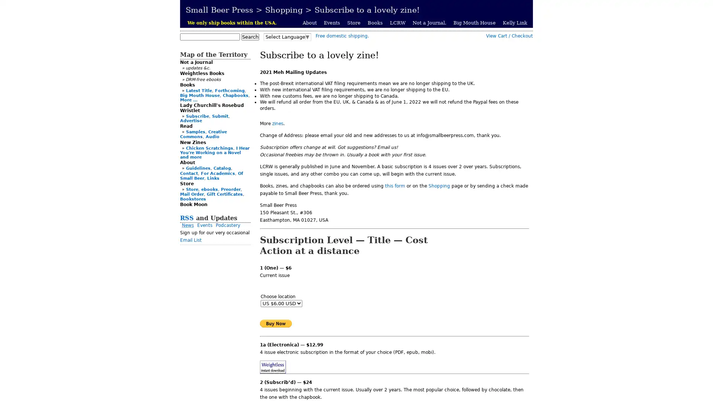  Describe the element at coordinates (250, 37) in the screenshot. I see `Search` at that location.